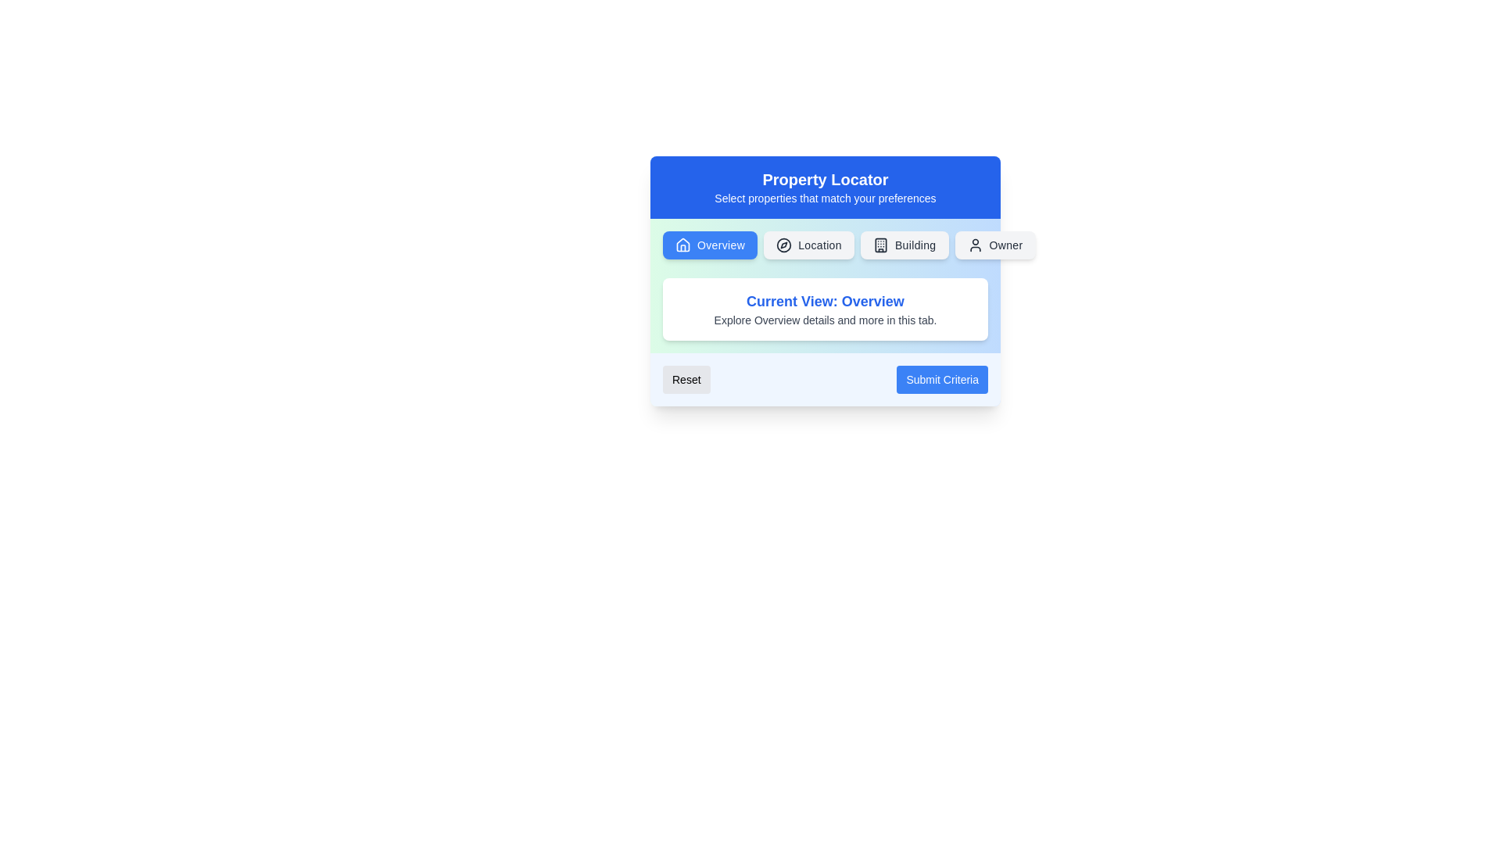 This screenshot has height=844, width=1501. What do you see at coordinates (682, 245) in the screenshot?
I see `the house-shaped icon located to the left of the 'Overview' text label in the top-left area of the control panel` at bounding box center [682, 245].